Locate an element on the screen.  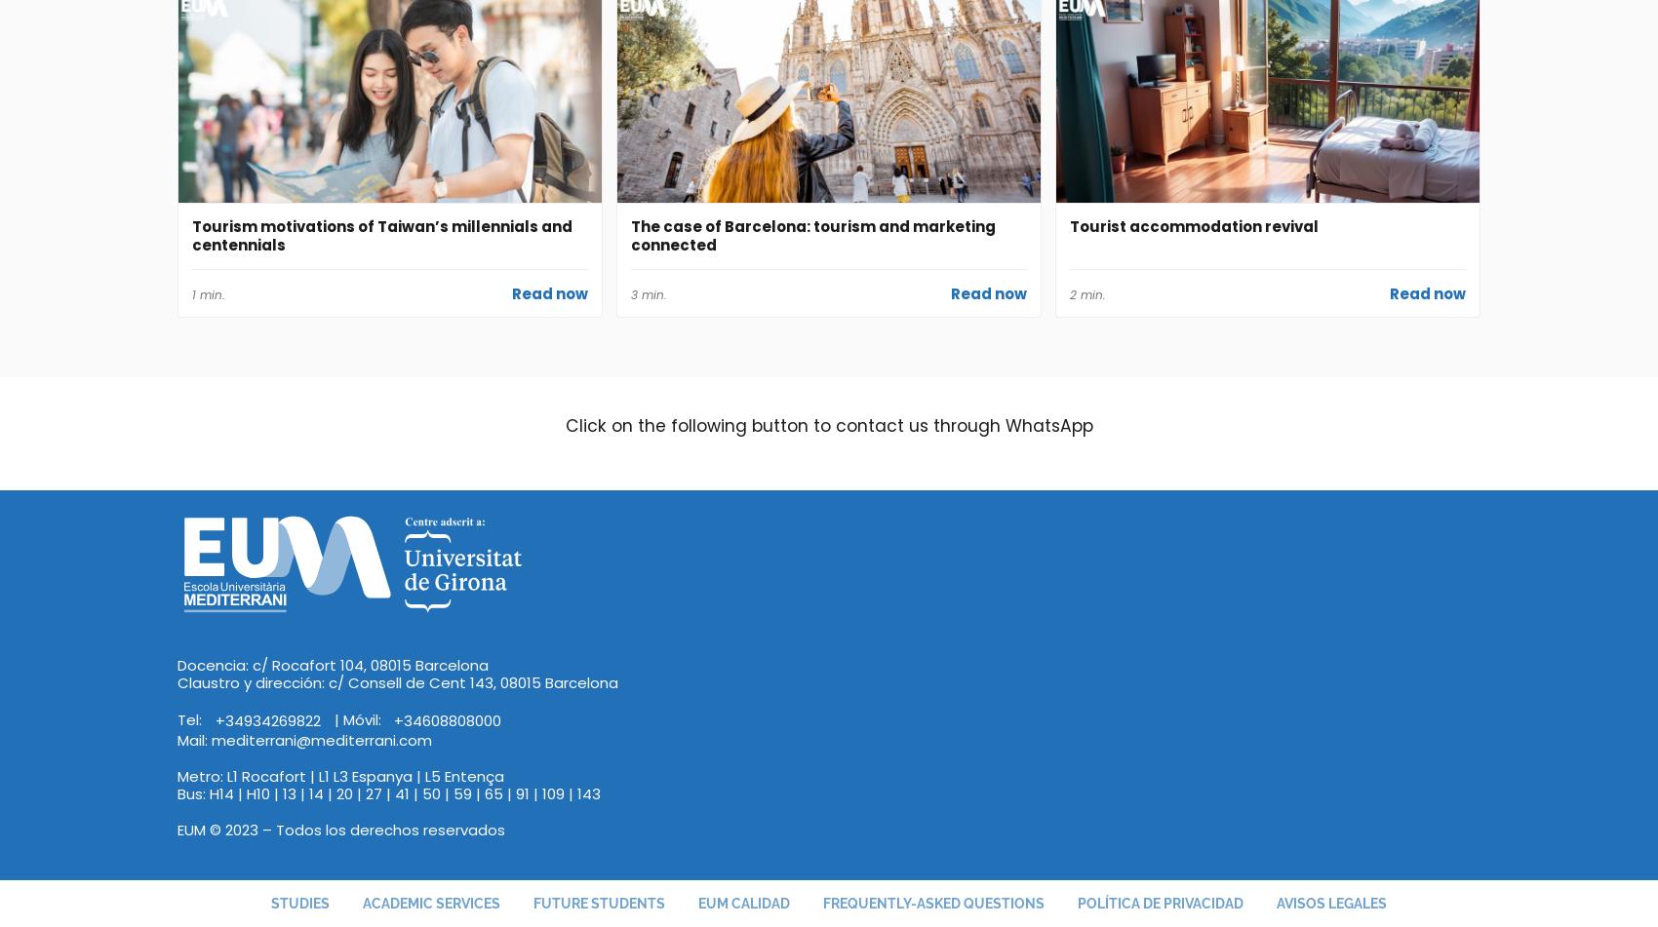
'Tel:' is located at coordinates (190, 718).